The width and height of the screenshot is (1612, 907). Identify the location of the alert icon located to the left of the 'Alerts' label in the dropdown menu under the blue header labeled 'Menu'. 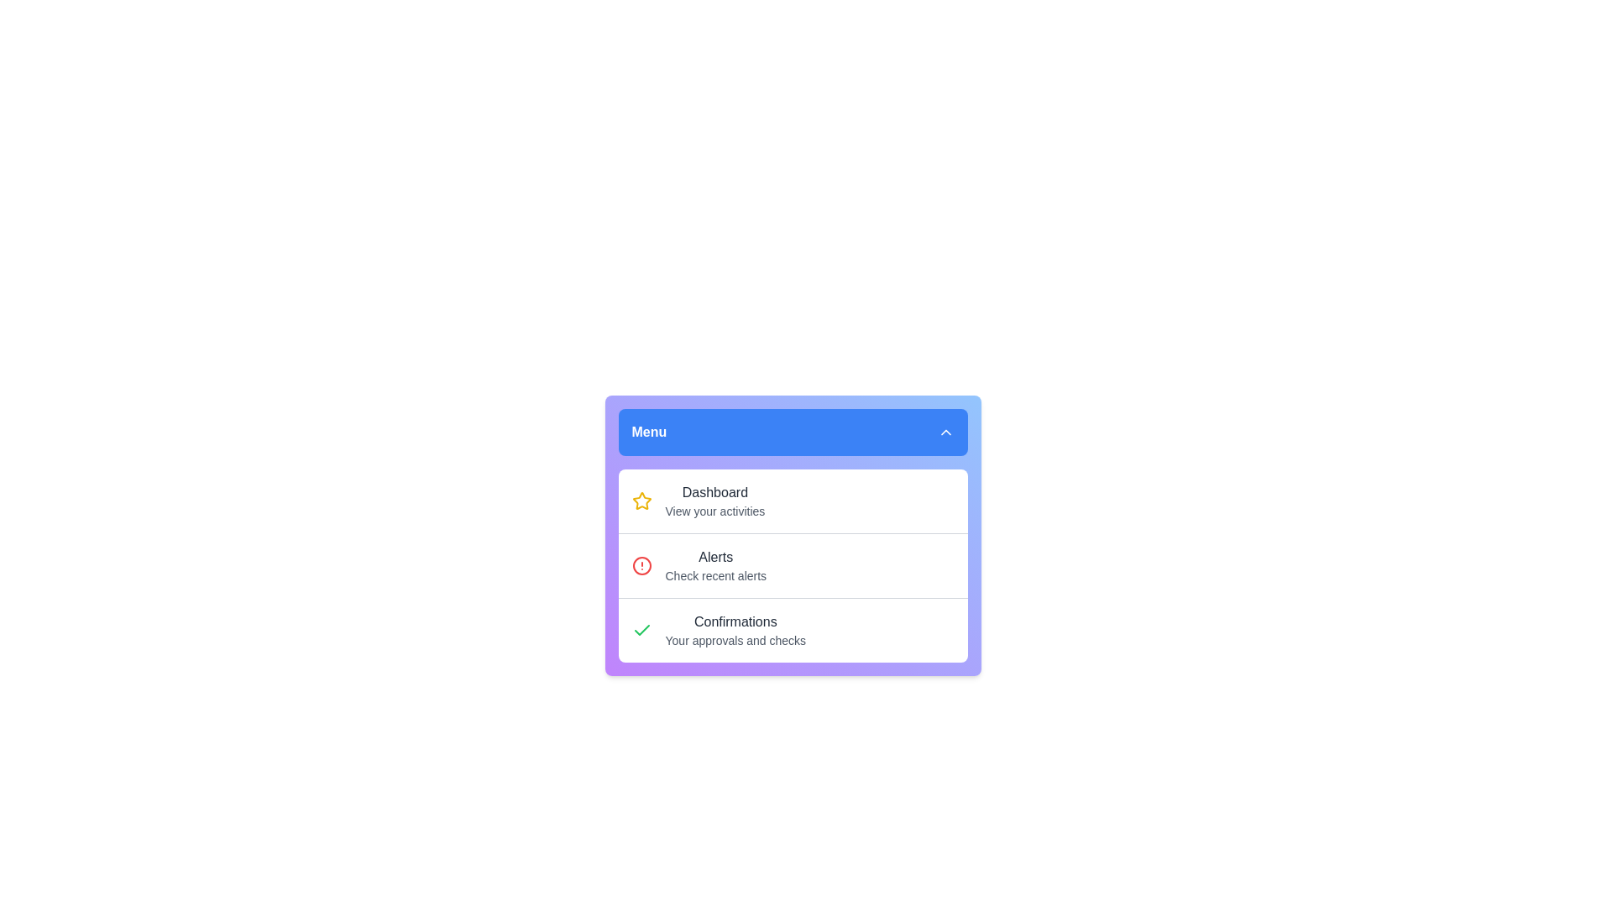
(641, 566).